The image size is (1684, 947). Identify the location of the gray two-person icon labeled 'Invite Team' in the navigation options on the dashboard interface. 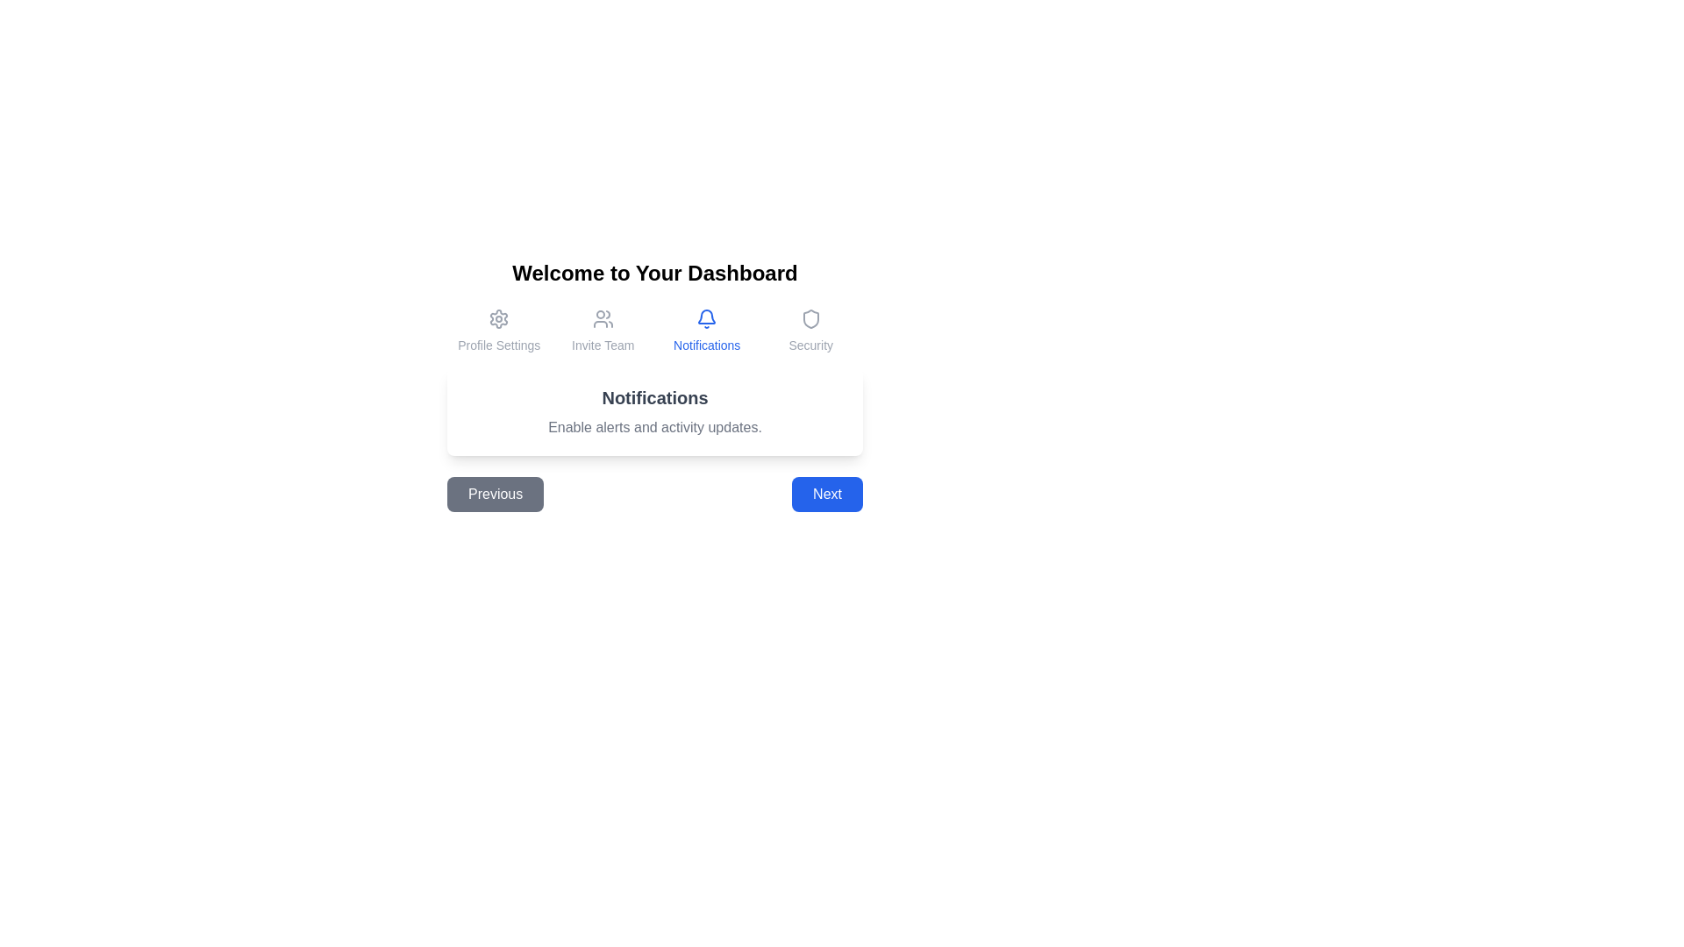
(603, 318).